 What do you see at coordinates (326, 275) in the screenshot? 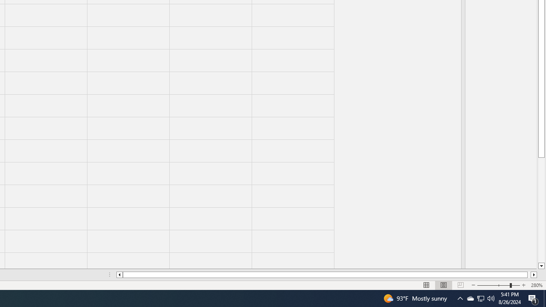
I see `'Class: NetUIScrollBar'` at bounding box center [326, 275].